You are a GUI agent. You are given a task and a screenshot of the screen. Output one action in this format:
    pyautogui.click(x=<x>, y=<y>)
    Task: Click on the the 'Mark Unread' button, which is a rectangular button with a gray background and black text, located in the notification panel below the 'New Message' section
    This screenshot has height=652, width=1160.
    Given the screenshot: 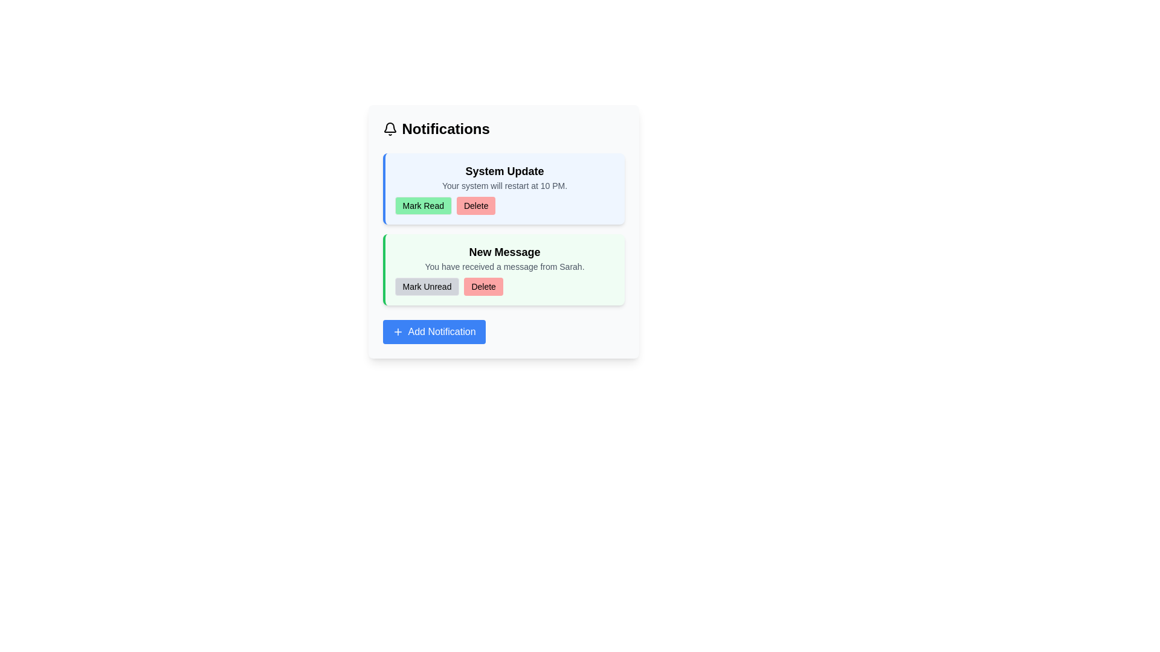 What is the action you would take?
    pyautogui.click(x=427, y=286)
    